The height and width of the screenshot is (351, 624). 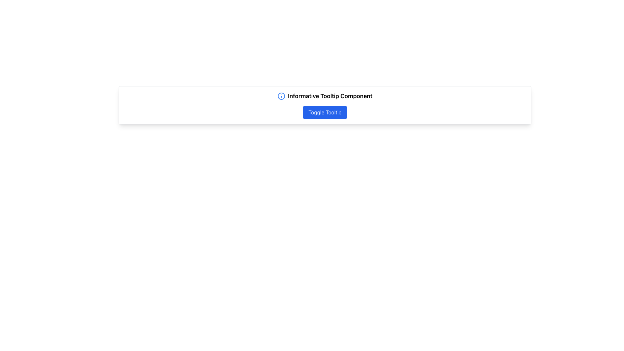 I want to click on the text label displaying 'Informative Tooltip Component', which is styled with a larger font size and bold weight, located to the right of the information icon, so click(x=330, y=96).